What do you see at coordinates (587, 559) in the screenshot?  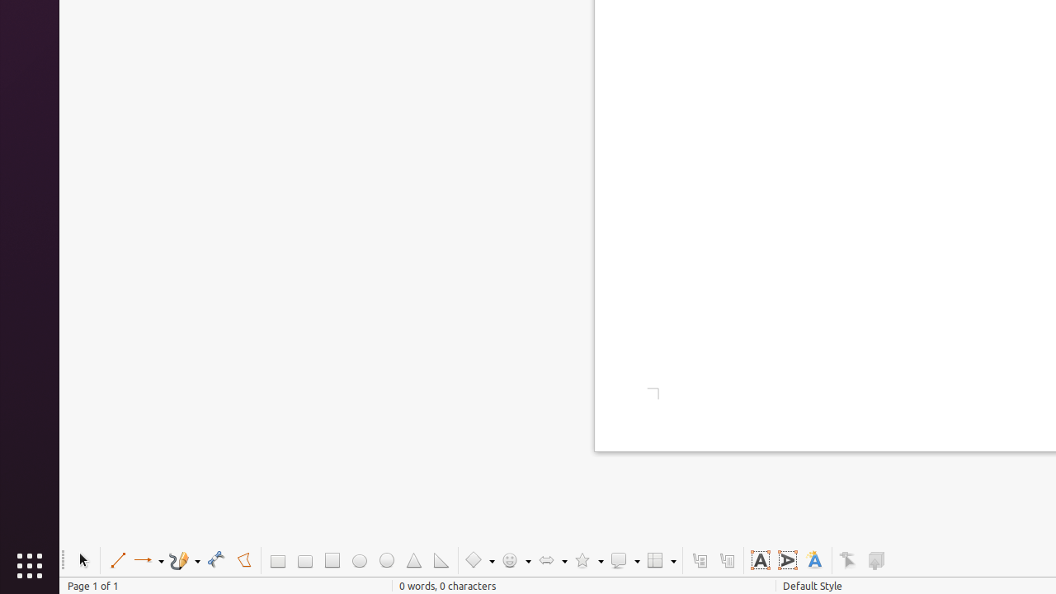 I see `'Star Shapes'` at bounding box center [587, 559].